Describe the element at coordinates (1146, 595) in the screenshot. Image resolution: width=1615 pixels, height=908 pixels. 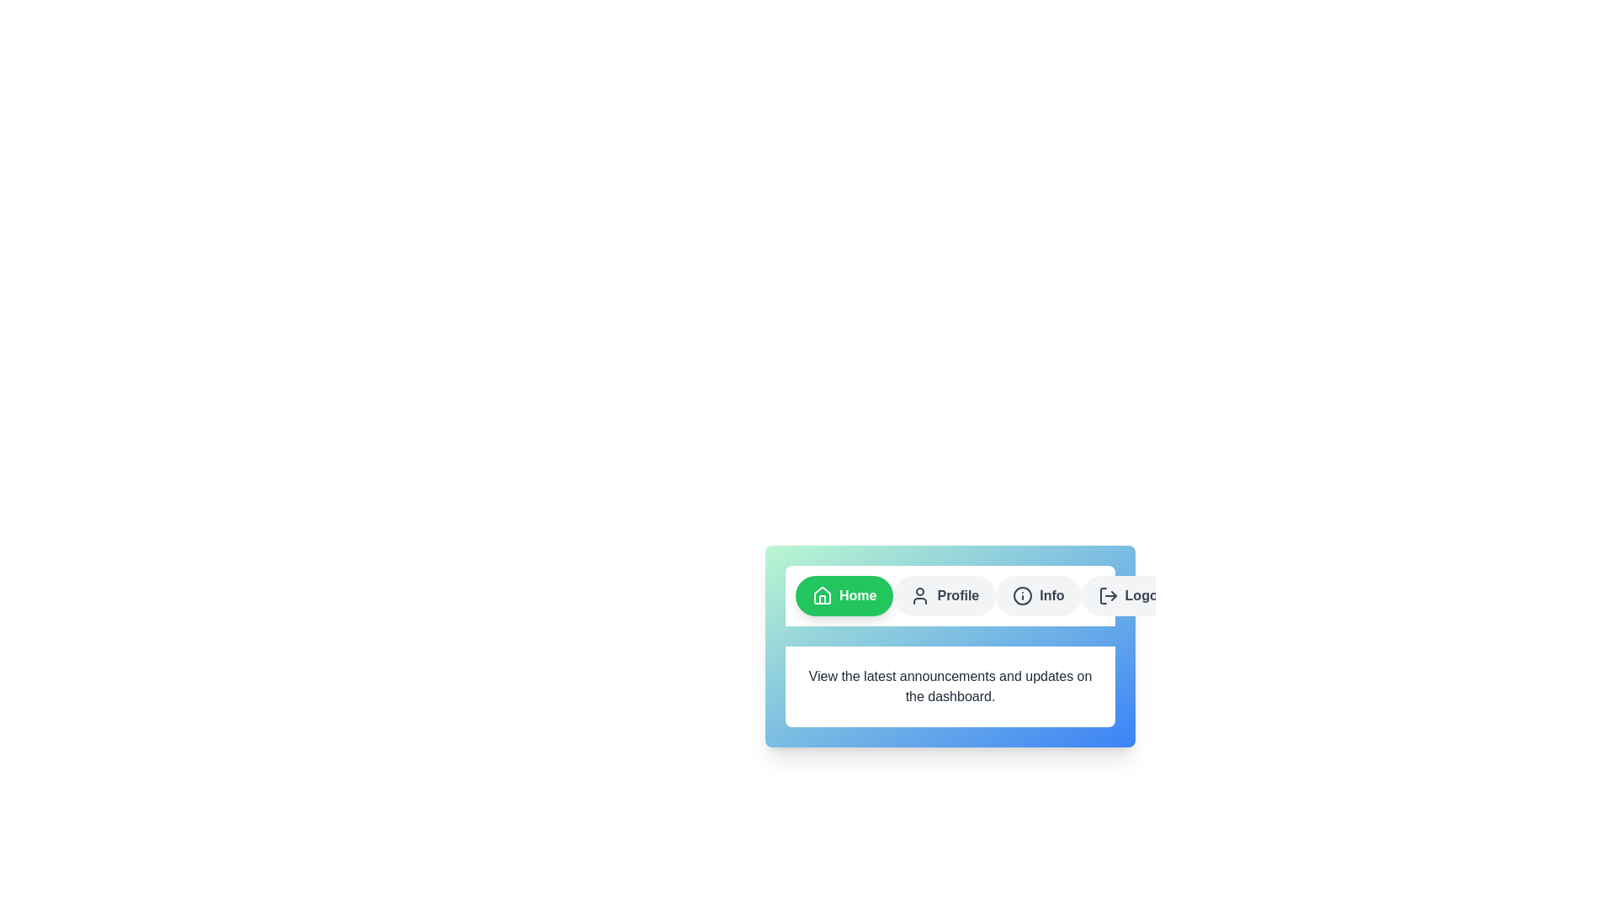
I see `the logout text label located on the right side of the horizontal navigation bar` at that location.